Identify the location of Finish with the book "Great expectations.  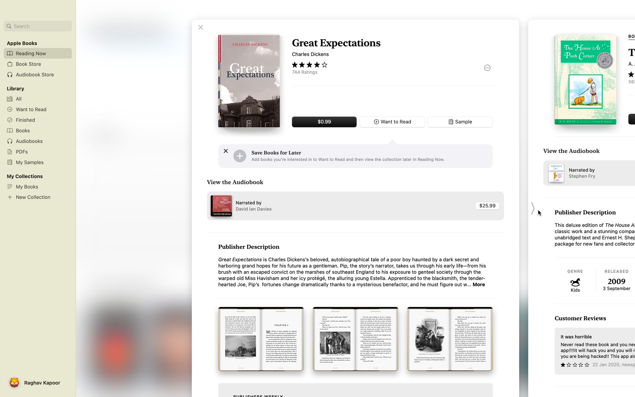
(200, 27).